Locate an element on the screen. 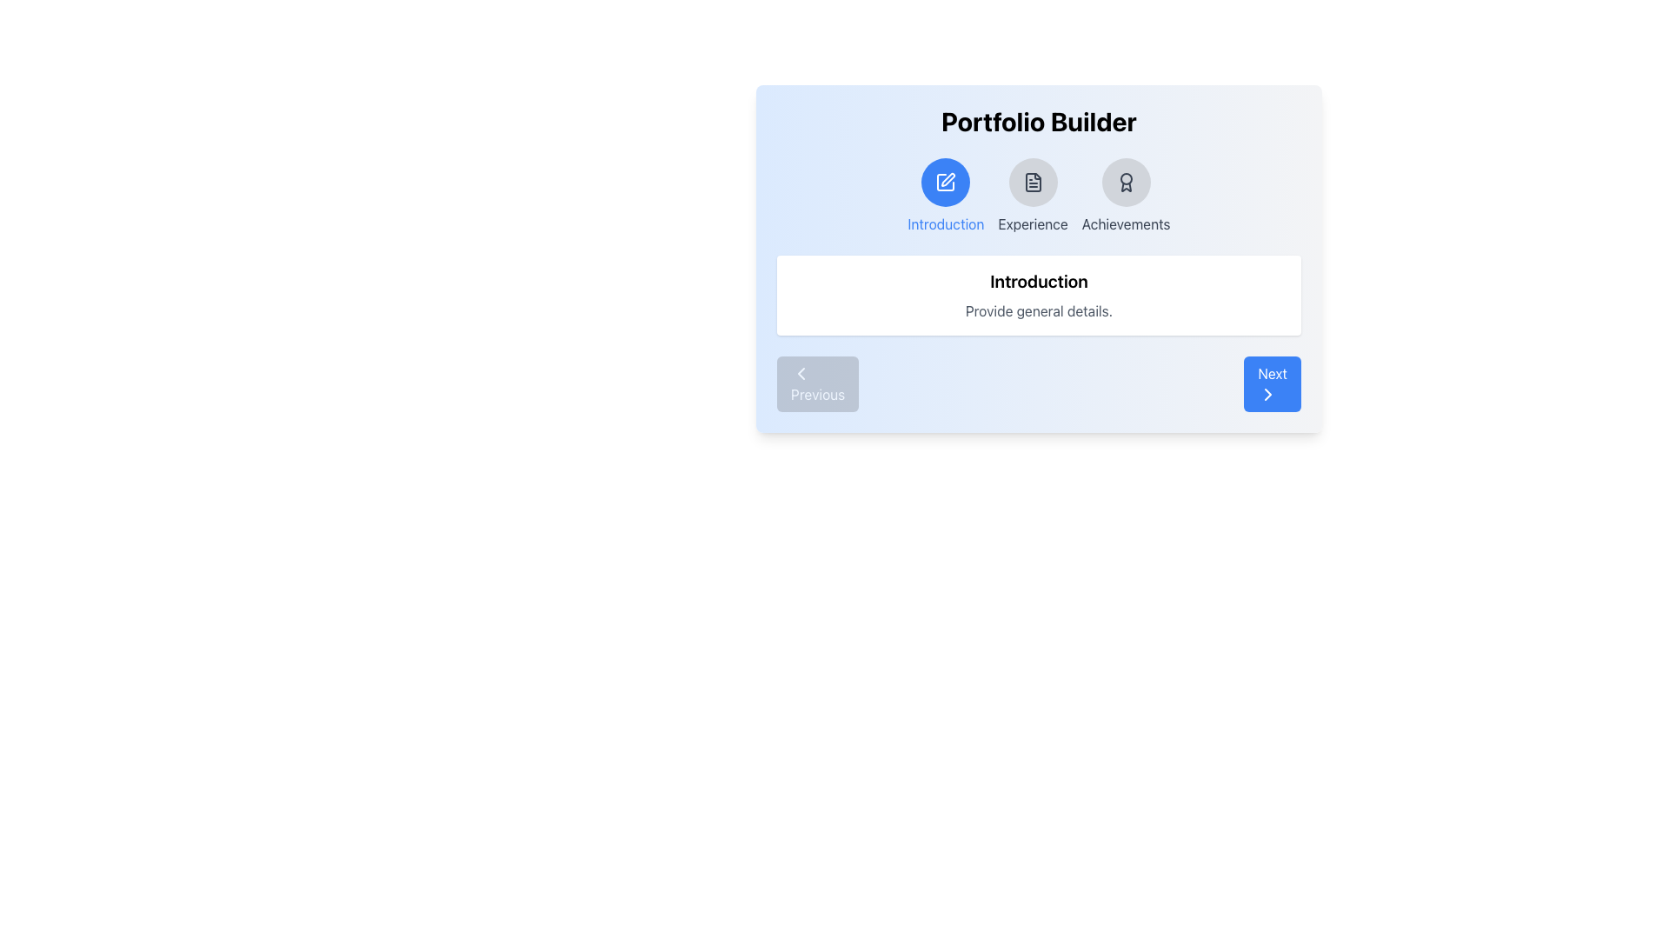 This screenshot has height=939, width=1669. the text label that serves as the header or title for the interface, indicating the current section or purpose of the page is located at coordinates (1039, 120).